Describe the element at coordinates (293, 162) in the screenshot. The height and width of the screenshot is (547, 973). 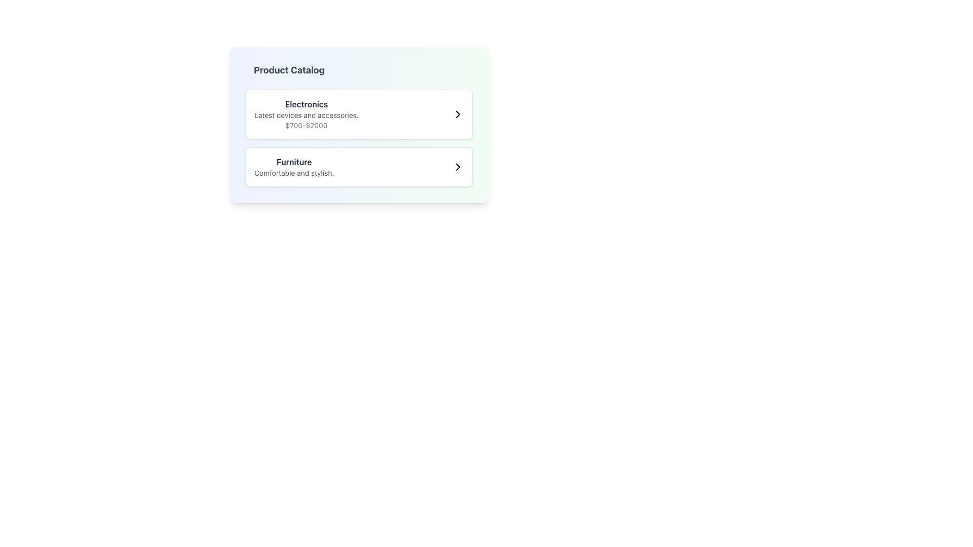
I see `the static text element that serves as a header for the 'Furniture' section, which is located near the top of the section and is centered horizontally` at that location.